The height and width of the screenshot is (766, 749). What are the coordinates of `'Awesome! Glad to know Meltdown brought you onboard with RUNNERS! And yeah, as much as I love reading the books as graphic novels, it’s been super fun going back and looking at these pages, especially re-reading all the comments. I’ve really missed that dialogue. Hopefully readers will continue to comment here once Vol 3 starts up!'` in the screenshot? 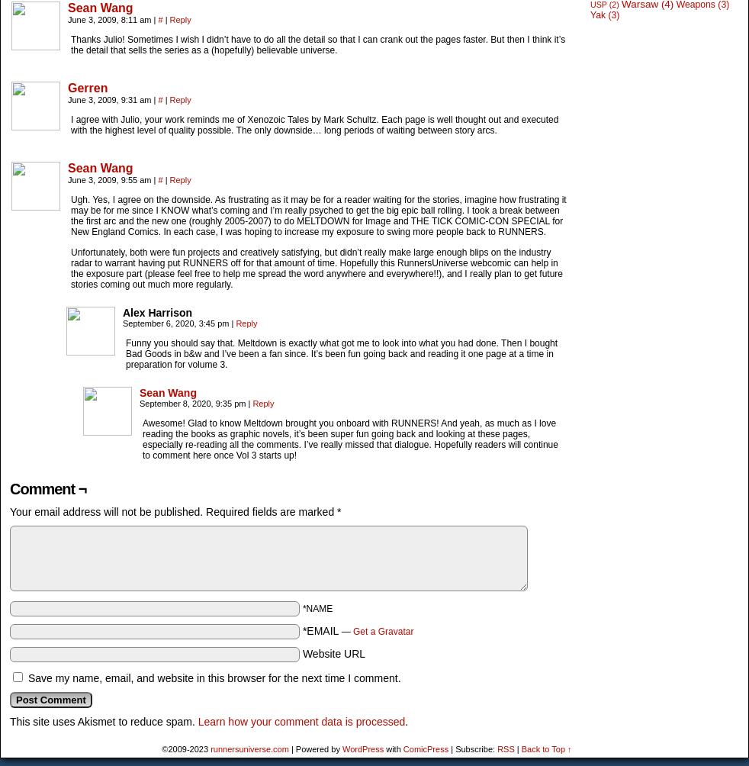 It's located at (141, 438).